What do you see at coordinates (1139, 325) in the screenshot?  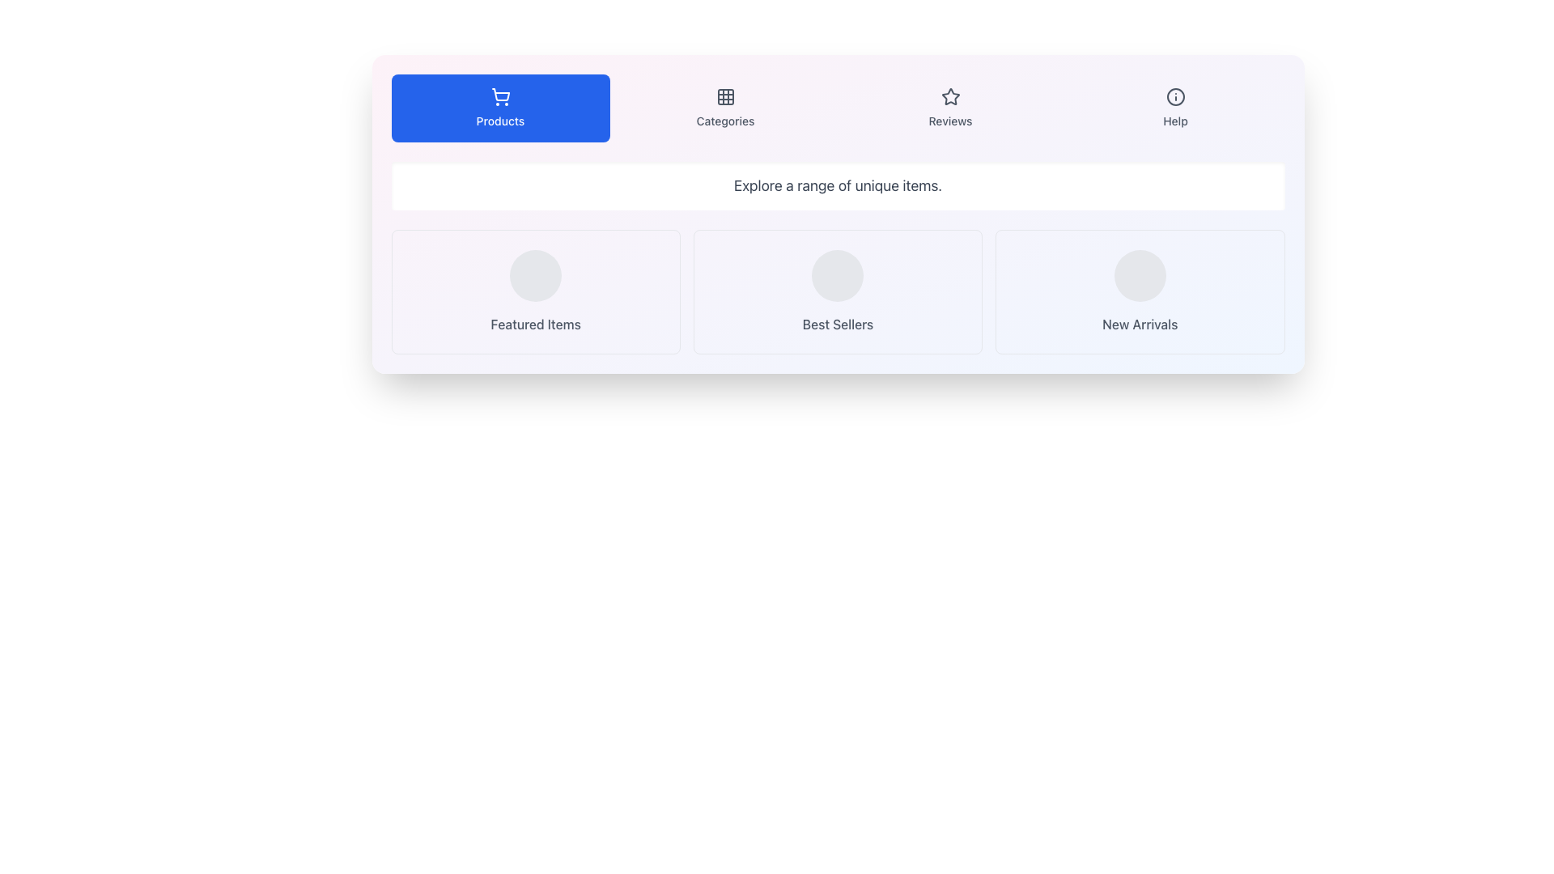 I see `the 'New Arrivals' text label, which serves as a static title for its card, positioned below a circular graphic within the bottom right card of a horizontal list` at bounding box center [1139, 325].